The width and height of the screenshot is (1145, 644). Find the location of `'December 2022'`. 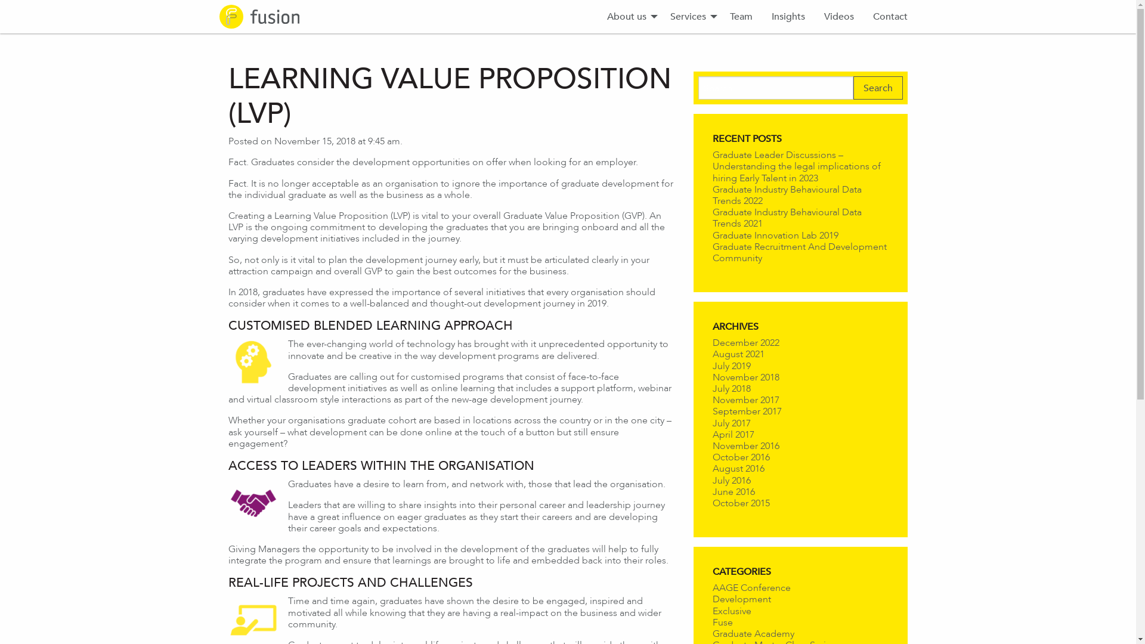

'December 2022' is located at coordinates (712, 342).